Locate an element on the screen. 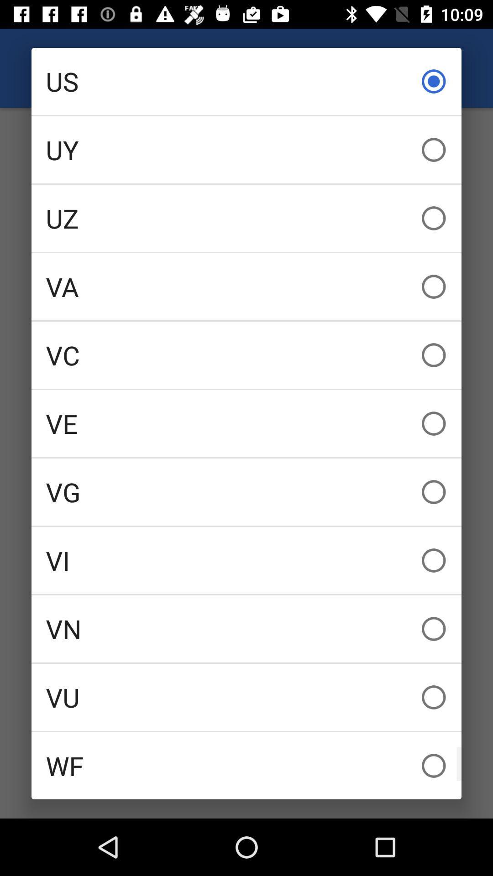 Image resolution: width=493 pixels, height=876 pixels. checkbox above uz item is located at coordinates (246, 150).